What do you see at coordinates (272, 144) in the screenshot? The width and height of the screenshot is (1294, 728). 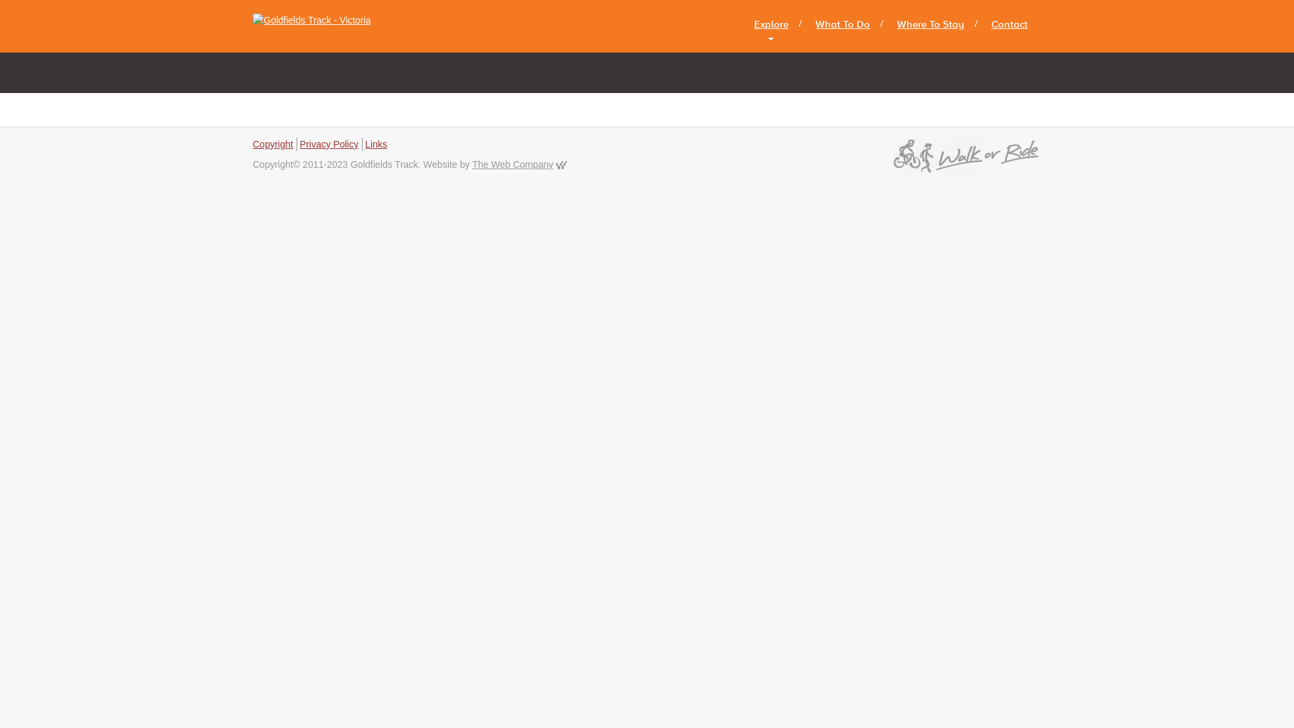 I see `'Copyright'` at bounding box center [272, 144].